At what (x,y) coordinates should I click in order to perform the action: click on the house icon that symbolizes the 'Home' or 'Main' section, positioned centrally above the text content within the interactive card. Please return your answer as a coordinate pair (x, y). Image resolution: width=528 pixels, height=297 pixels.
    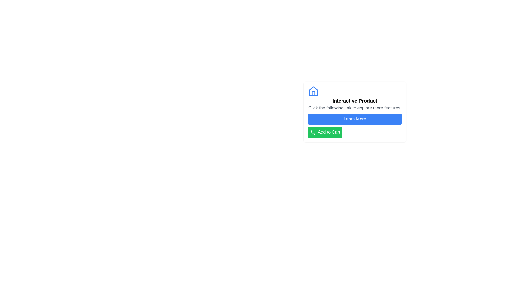
    Looking at the image, I should click on (313, 91).